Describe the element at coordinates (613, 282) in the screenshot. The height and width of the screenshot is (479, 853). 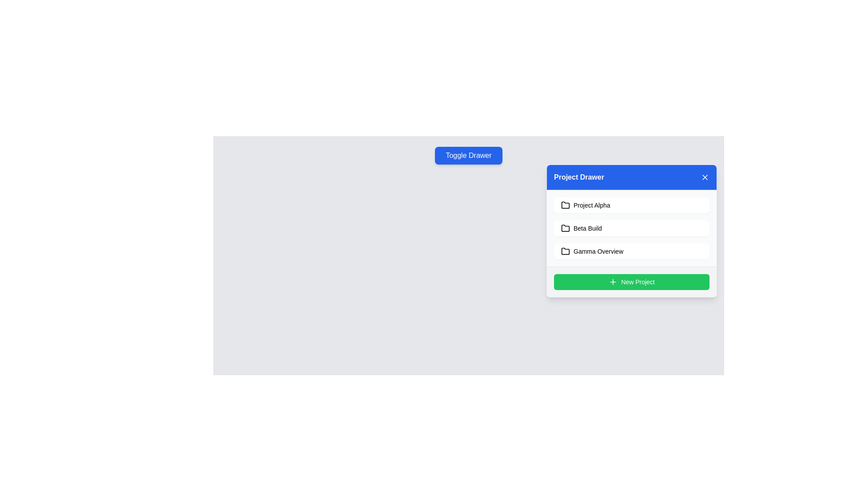
I see `the SVG plus icon located within the green 'New Project' button at the bottom of the Project Drawer interface` at that location.